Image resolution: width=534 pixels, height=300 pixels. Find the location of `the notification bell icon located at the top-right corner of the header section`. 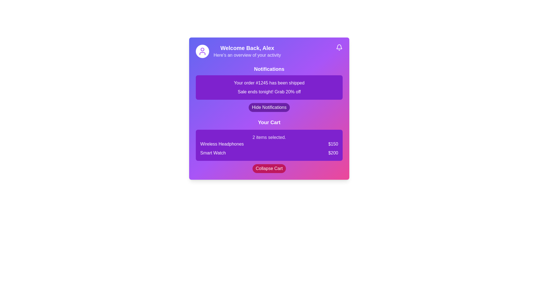

the notification bell icon located at the top-right corner of the header section is located at coordinates (339, 47).